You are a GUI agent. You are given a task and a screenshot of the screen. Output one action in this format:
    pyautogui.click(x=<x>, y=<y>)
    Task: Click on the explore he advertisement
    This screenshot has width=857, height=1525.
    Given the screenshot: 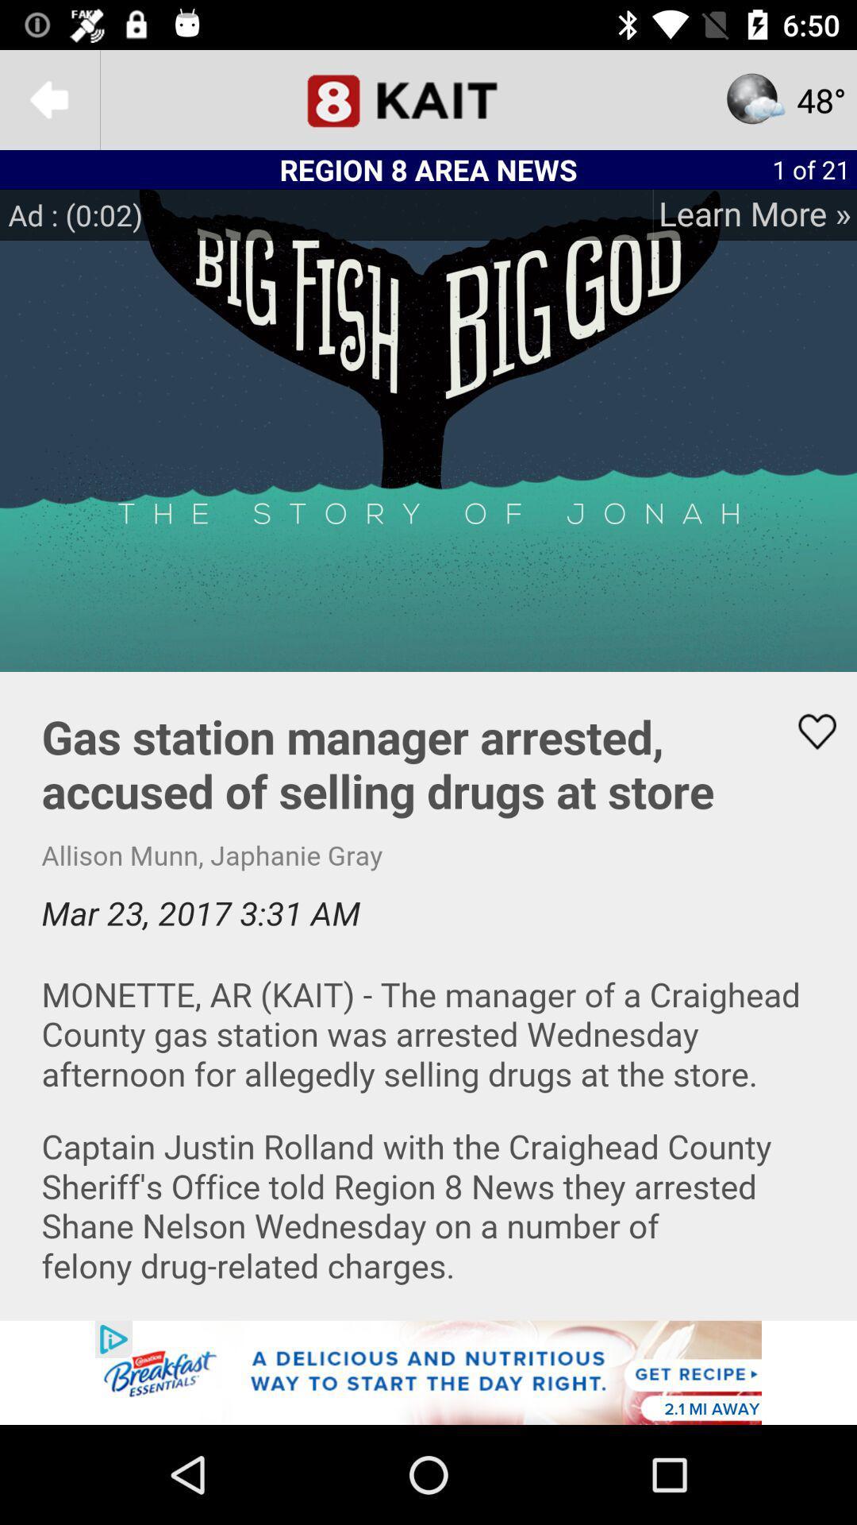 What is the action you would take?
    pyautogui.click(x=428, y=1372)
    